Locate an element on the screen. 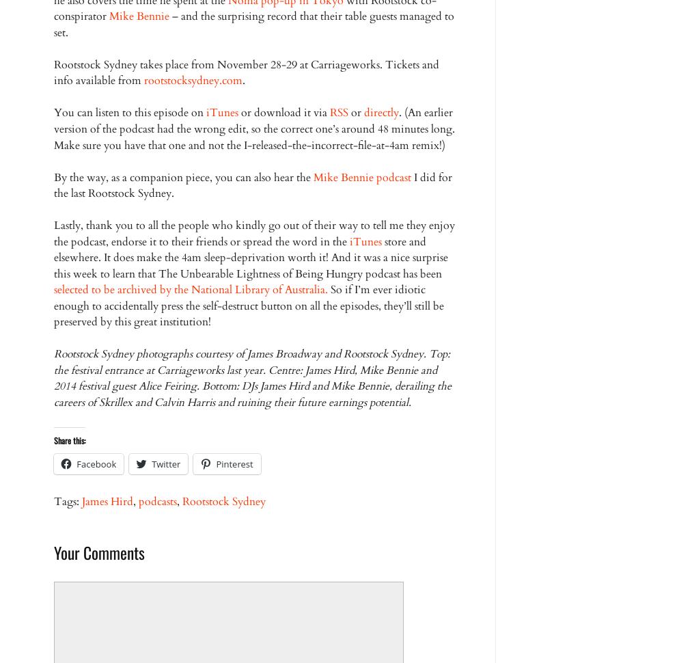 This screenshot has height=663, width=692. 'podcasts' is located at coordinates (156, 500).